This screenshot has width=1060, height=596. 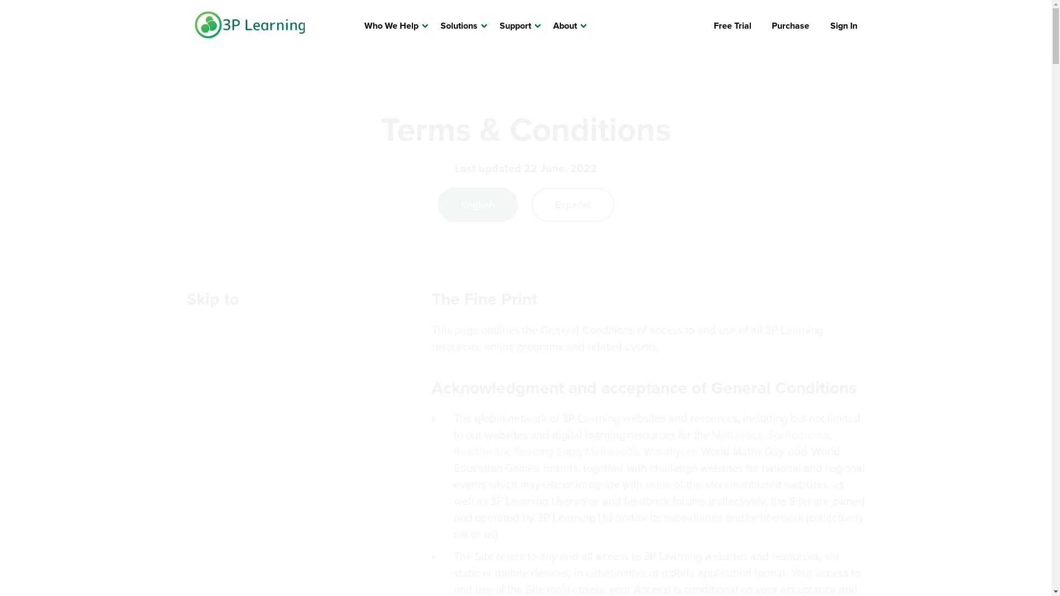 What do you see at coordinates (565, 25) in the screenshot?
I see `'About'` at bounding box center [565, 25].